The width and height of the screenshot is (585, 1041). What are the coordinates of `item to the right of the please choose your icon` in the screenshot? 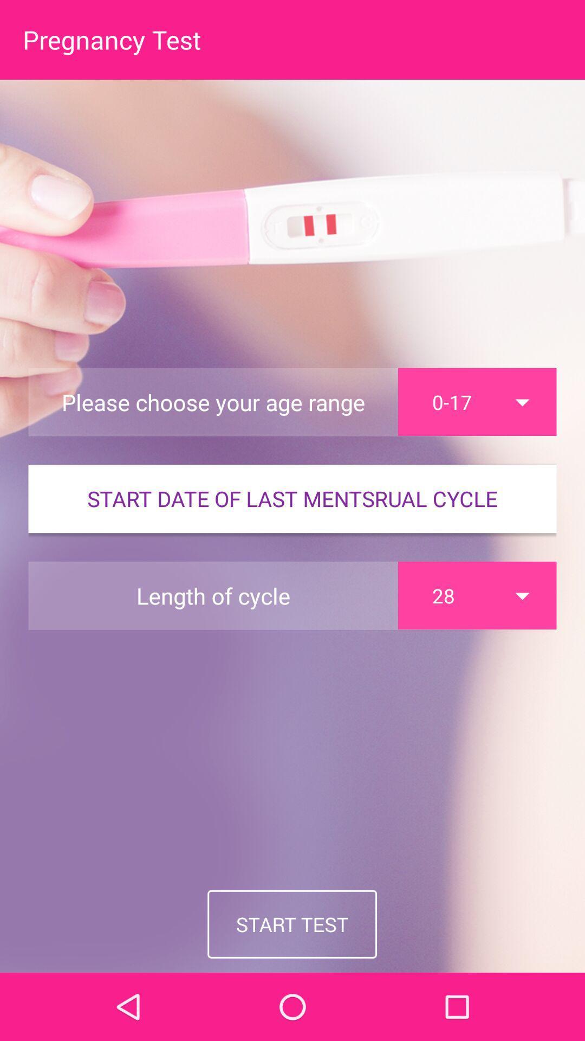 It's located at (477, 401).